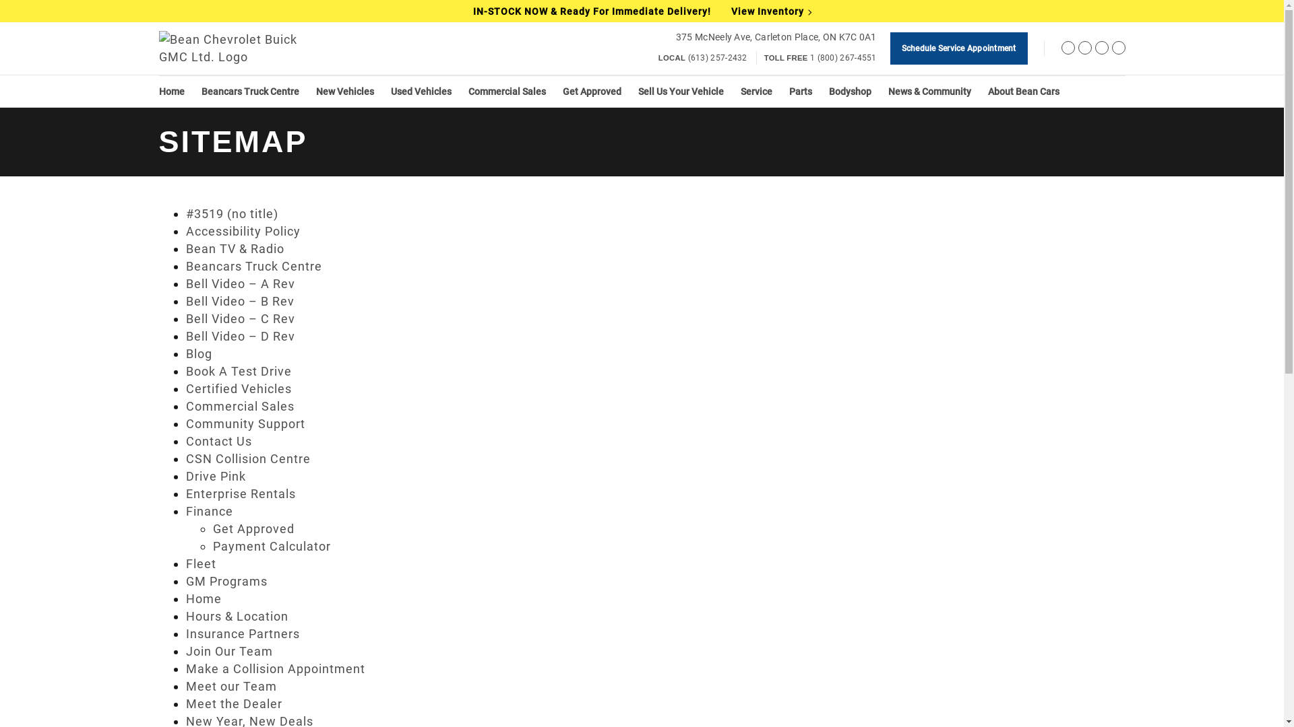 The height and width of the screenshot is (727, 1294). I want to click on 'Make a Collision Appointment', so click(274, 668).